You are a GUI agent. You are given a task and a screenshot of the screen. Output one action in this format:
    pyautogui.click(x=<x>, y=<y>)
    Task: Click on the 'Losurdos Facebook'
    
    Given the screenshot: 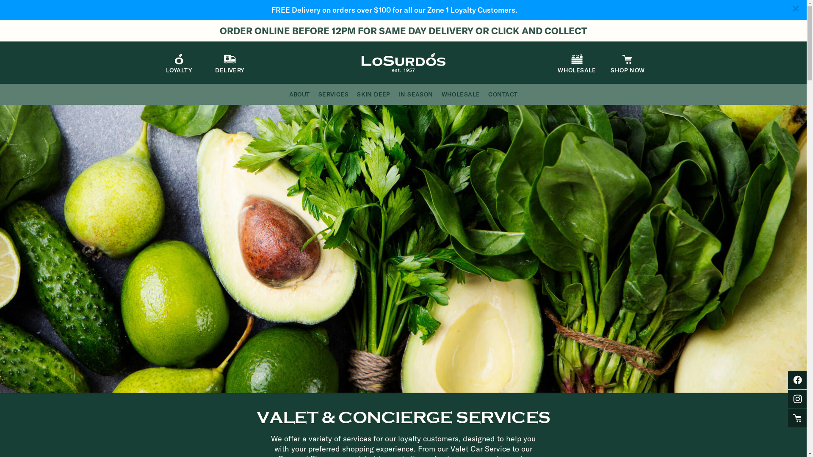 What is the action you would take?
    pyautogui.click(x=788, y=380)
    